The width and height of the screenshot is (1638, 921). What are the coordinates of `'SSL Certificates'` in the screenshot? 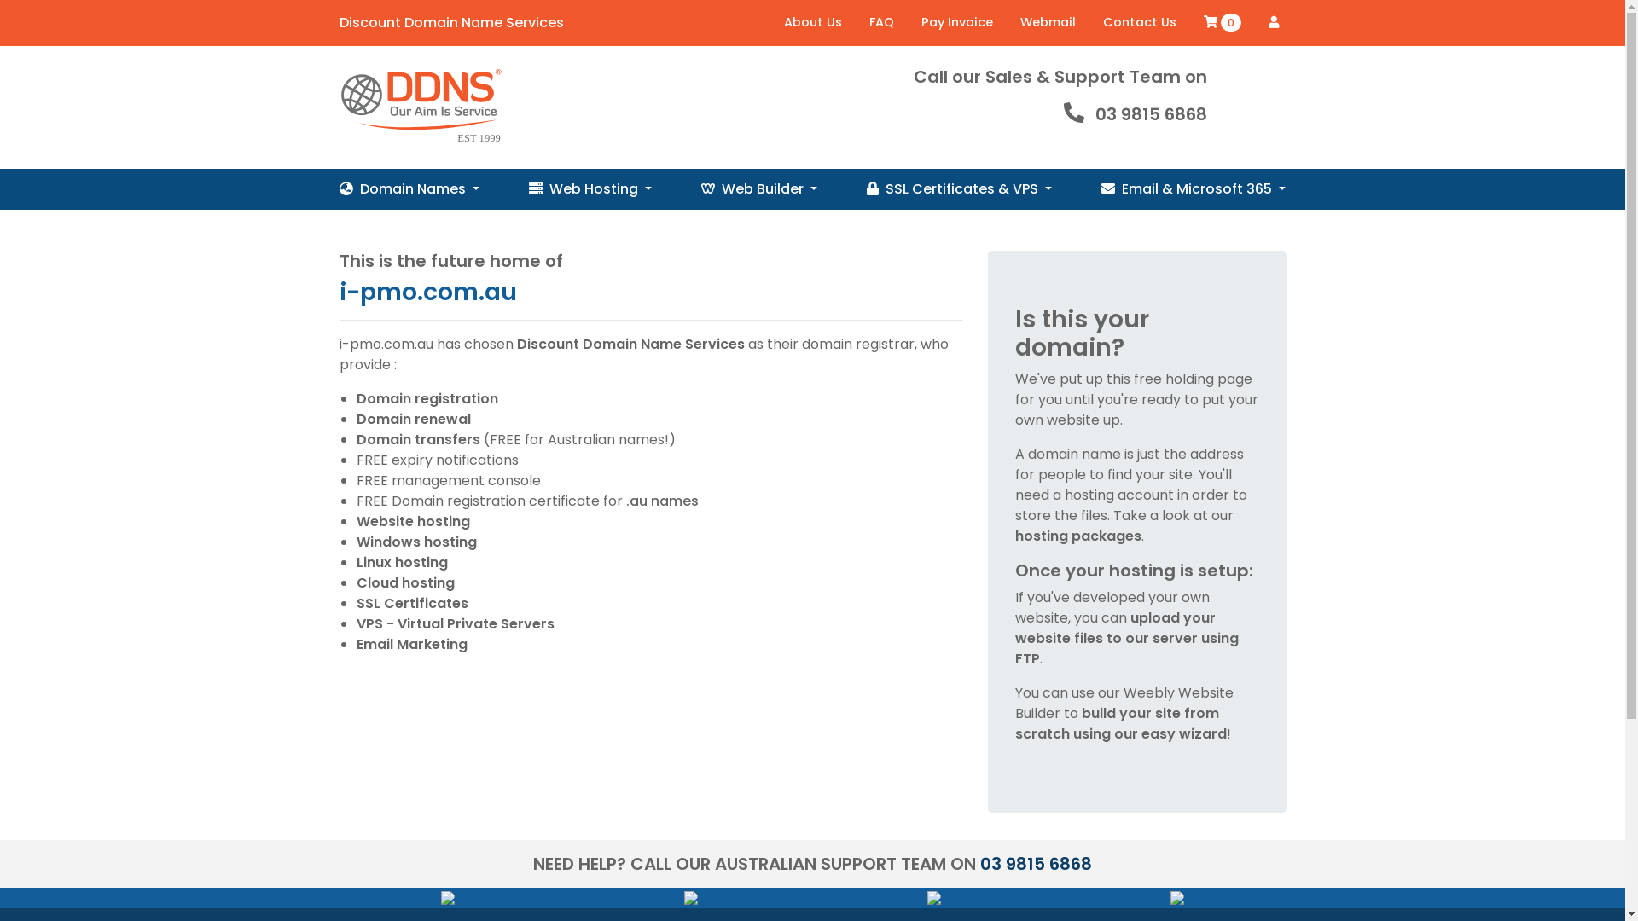 It's located at (355, 602).